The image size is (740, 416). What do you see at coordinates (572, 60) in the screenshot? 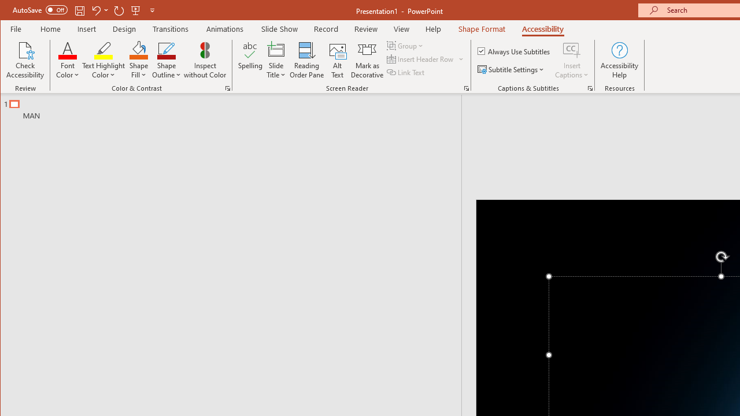
I see `'Insert Captions'` at bounding box center [572, 60].